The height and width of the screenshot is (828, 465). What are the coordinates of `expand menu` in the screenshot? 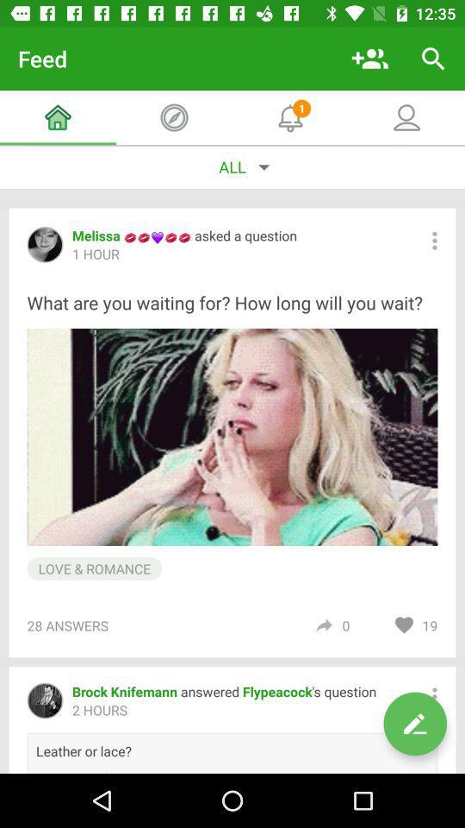 It's located at (433, 240).